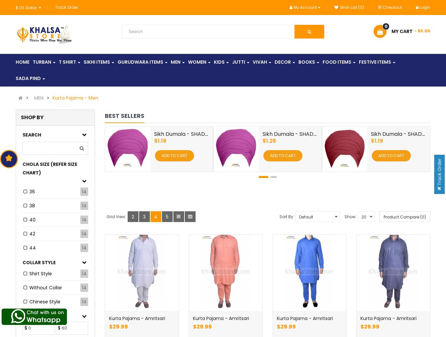 The image size is (446, 337). I want to click on '€ Euro', so click(22, 26).